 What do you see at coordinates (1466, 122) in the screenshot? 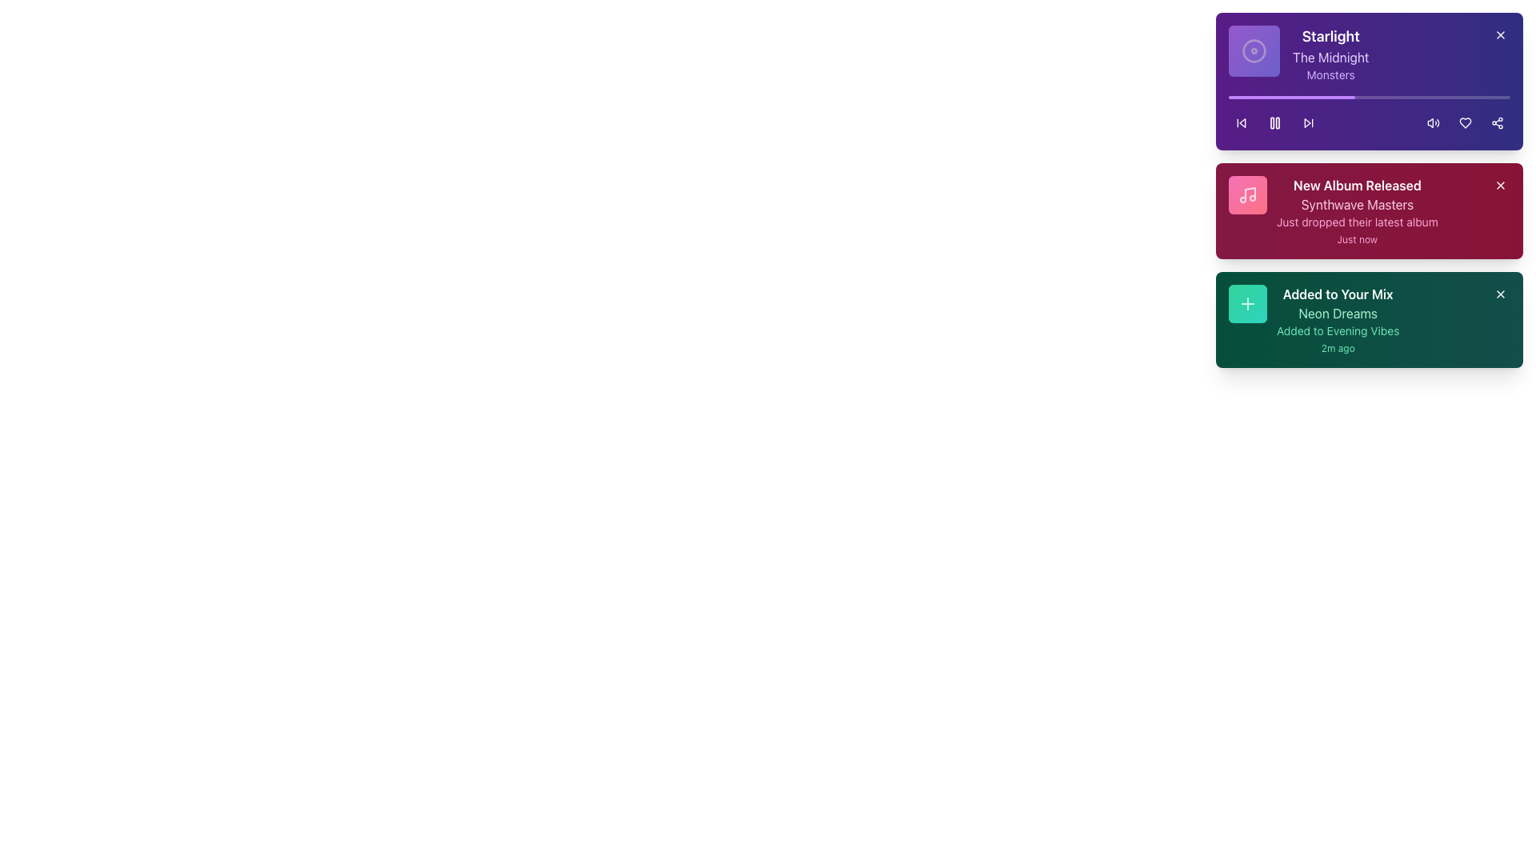
I see `the Interactive icon in the 'Starlight' card` at bounding box center [1466, 122].